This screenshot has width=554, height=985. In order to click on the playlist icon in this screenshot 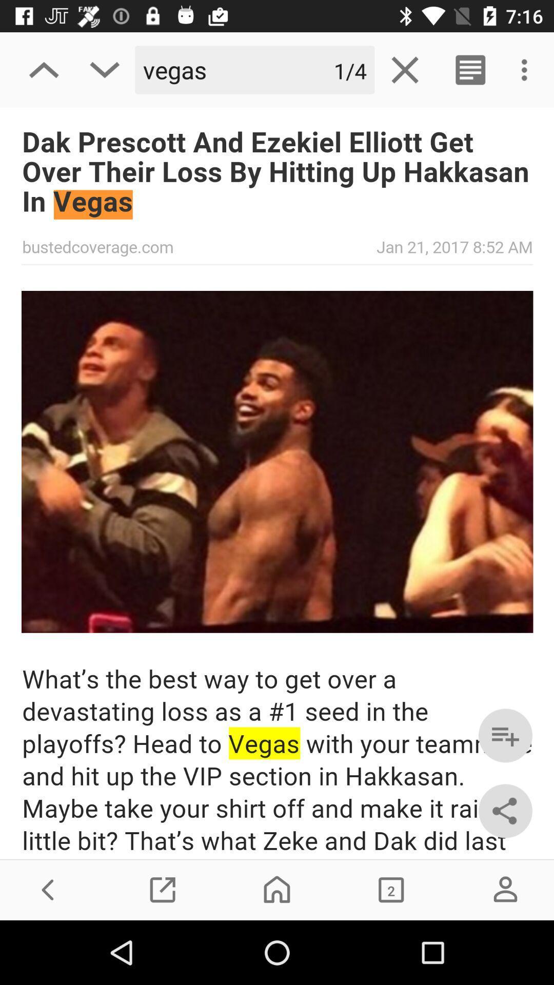, I will do `click(505, 735)`.